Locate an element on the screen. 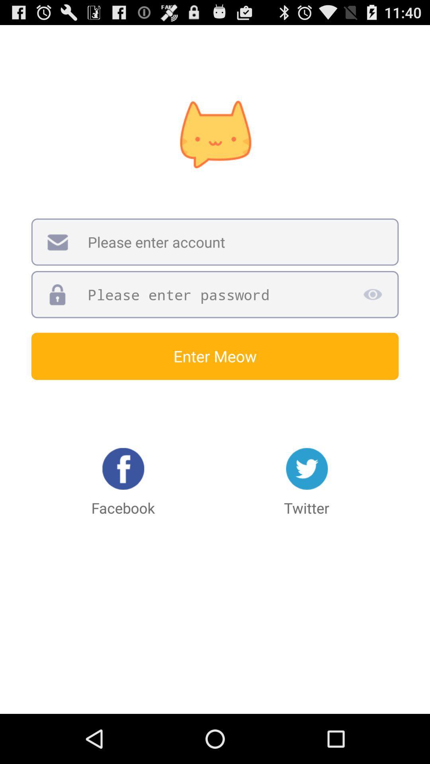  enter meow icon is located at coordinates (215, 356).